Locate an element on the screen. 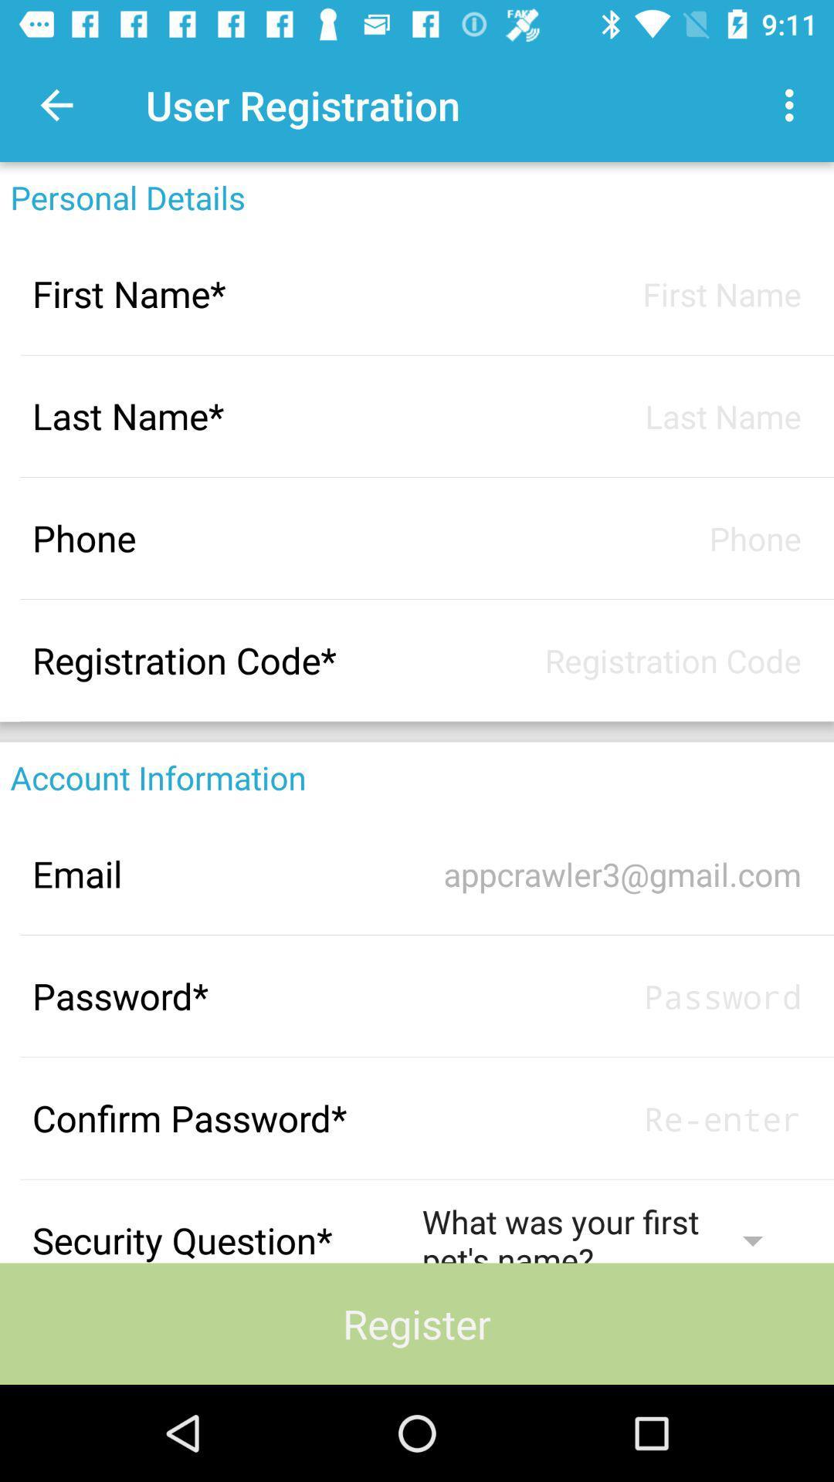 The height and width of the screenshot is (1482, 834). phone number is located at coordinates (611, 538).